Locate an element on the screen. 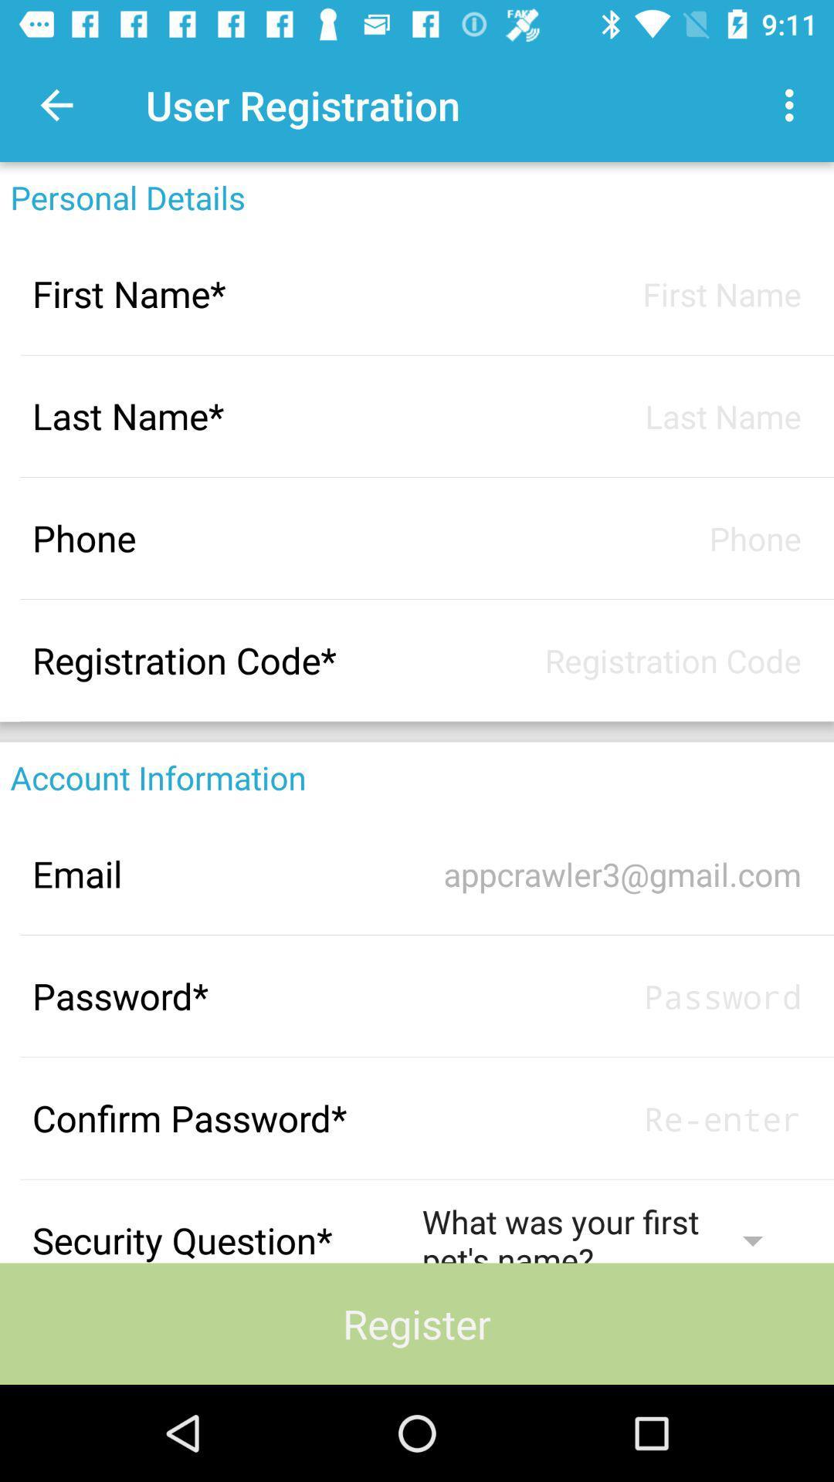 The height and width of the screenshot is (1482, 834). phone number is located at coordinates (611, 538).